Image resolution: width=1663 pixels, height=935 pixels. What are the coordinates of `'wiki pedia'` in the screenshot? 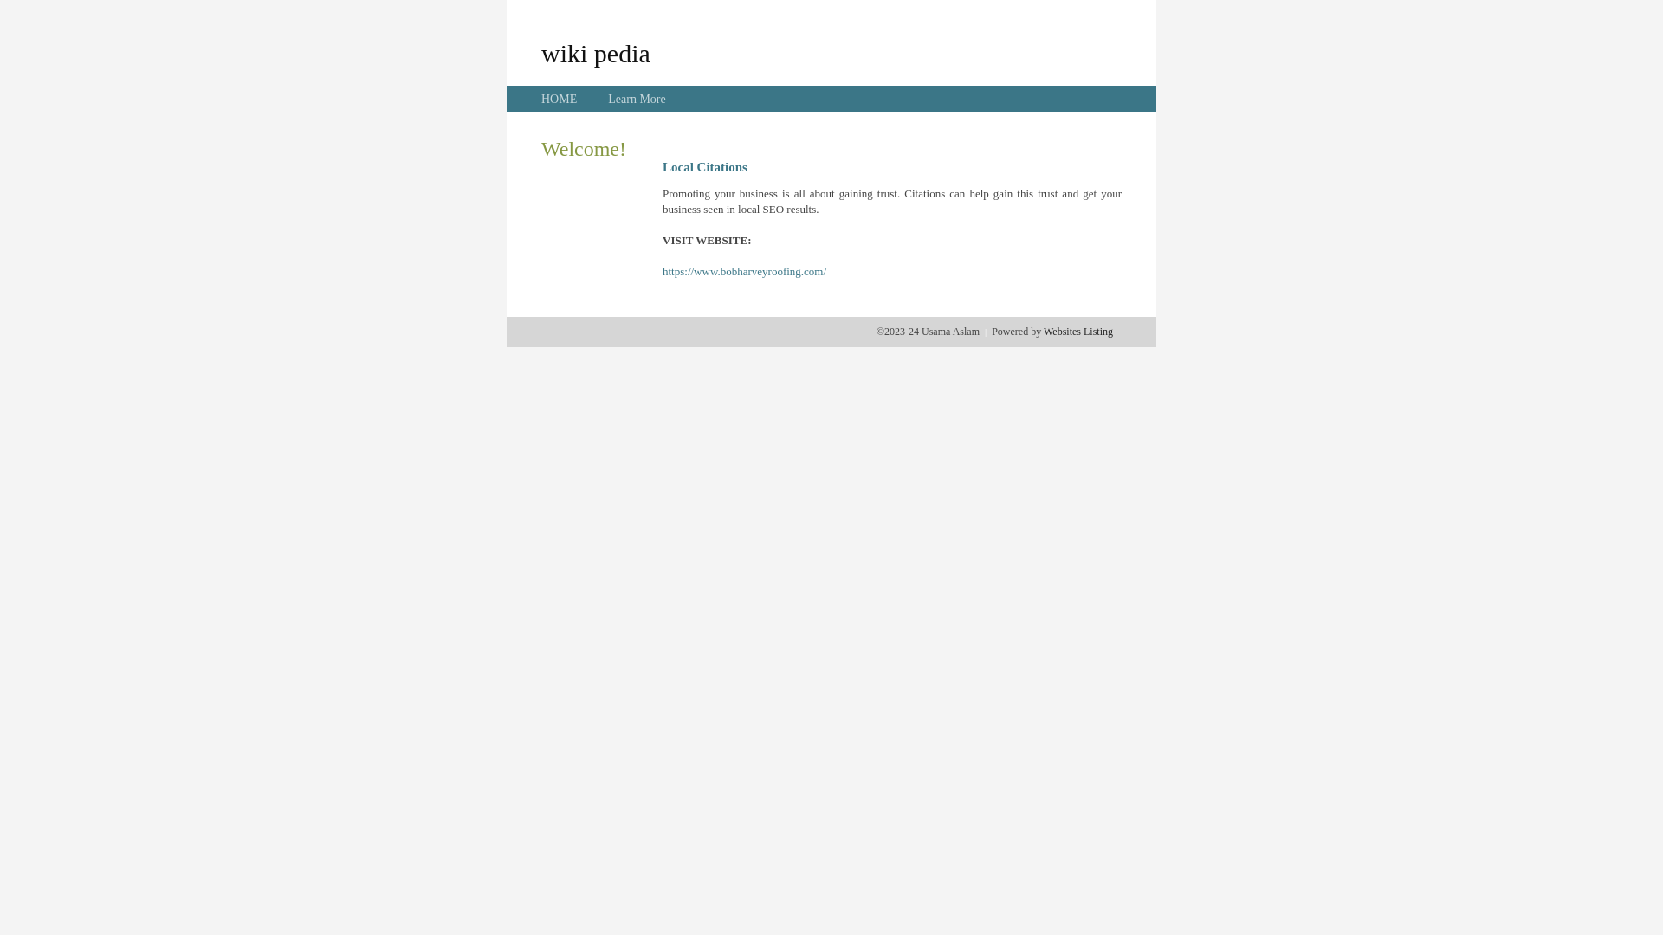 It's located at (595, 52).